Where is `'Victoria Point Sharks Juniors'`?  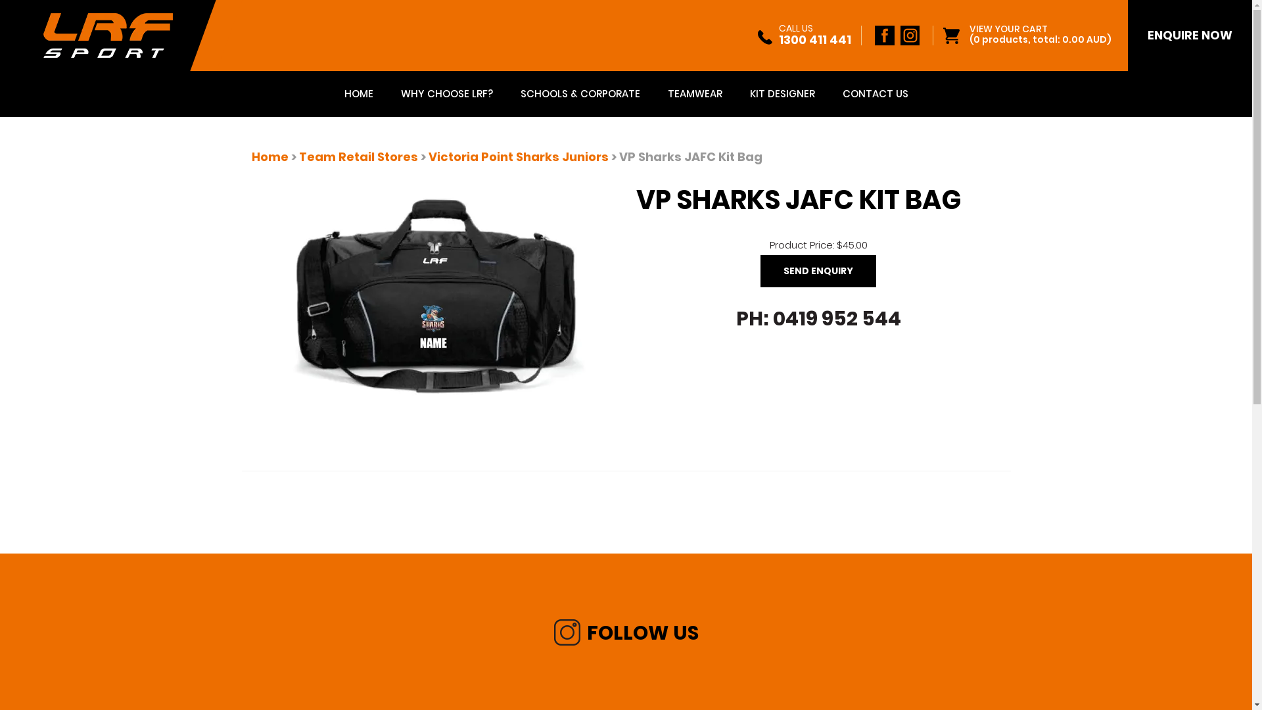 'Victoria Point Sharks Juniors' is located at coordinates (517, 156).